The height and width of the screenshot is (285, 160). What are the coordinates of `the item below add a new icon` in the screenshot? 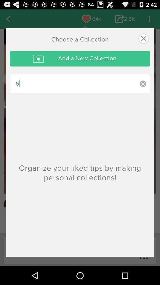 It's located at (143, 83).